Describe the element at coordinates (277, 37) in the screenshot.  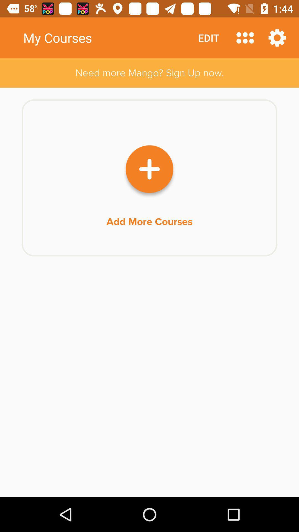
I see `item above the need more mango` at that location.